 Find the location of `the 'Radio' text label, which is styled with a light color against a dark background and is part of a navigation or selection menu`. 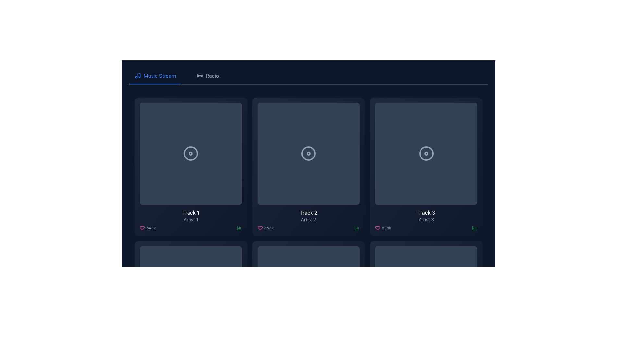

the 'Radio' text label, which is styled with a light color against a dark background and is part of a navigation or selection menu is located at coordinates (212, 76).